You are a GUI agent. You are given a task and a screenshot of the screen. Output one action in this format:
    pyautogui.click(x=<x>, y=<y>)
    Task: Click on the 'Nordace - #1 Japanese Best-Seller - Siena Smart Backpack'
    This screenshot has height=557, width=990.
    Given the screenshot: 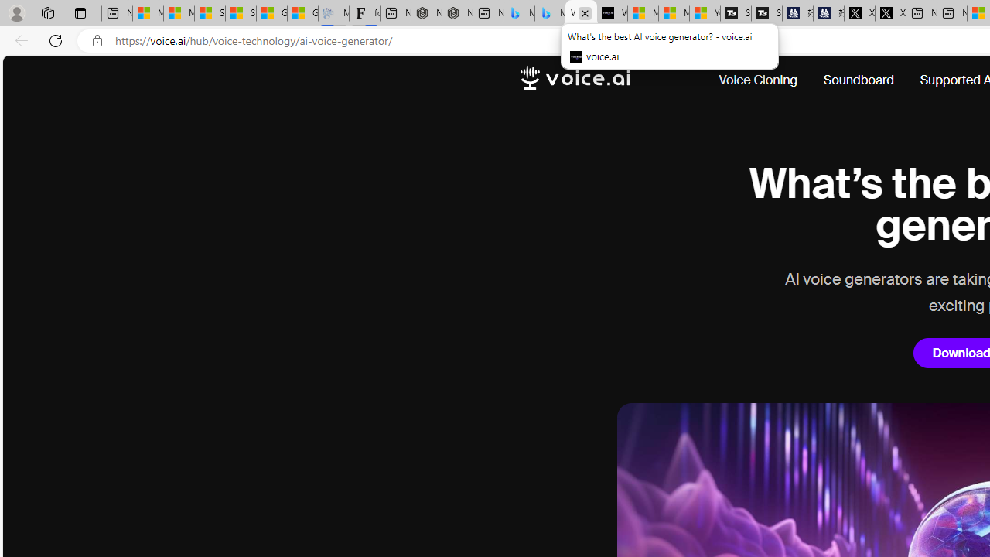 What is the action you would take?
    pyautogui.click(x=456, y=13)
    